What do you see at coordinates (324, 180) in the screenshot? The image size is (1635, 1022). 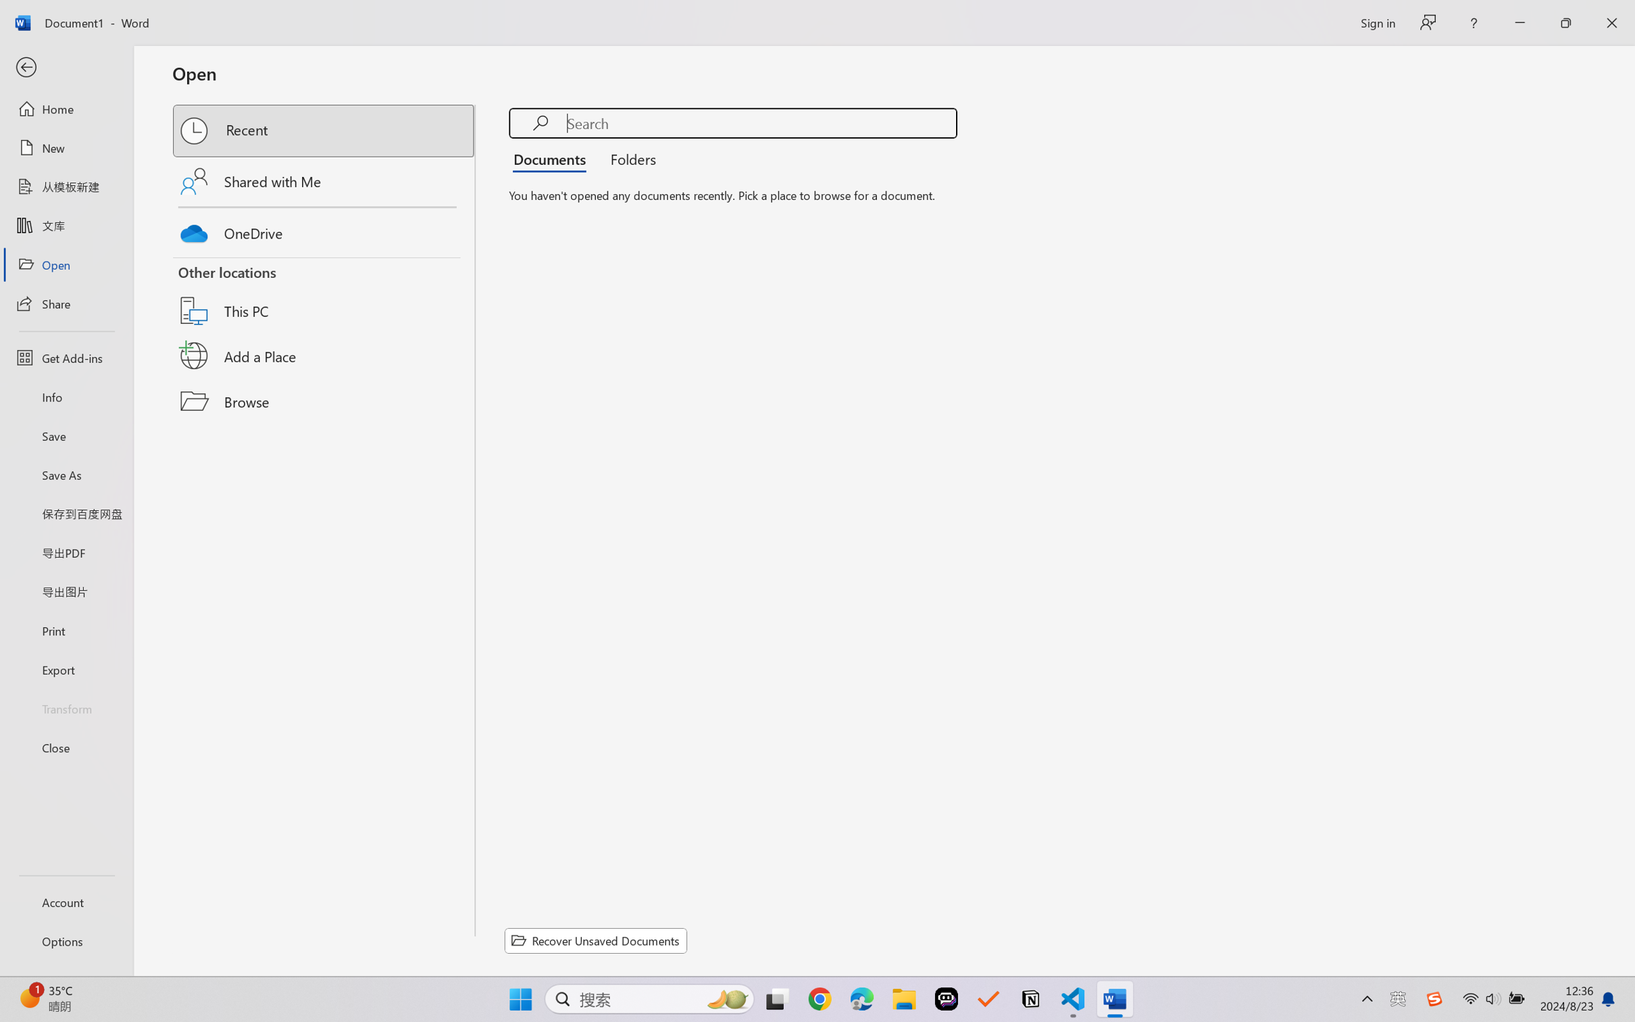 I see `'Shared with Me'` at bounding box center [324, 180].